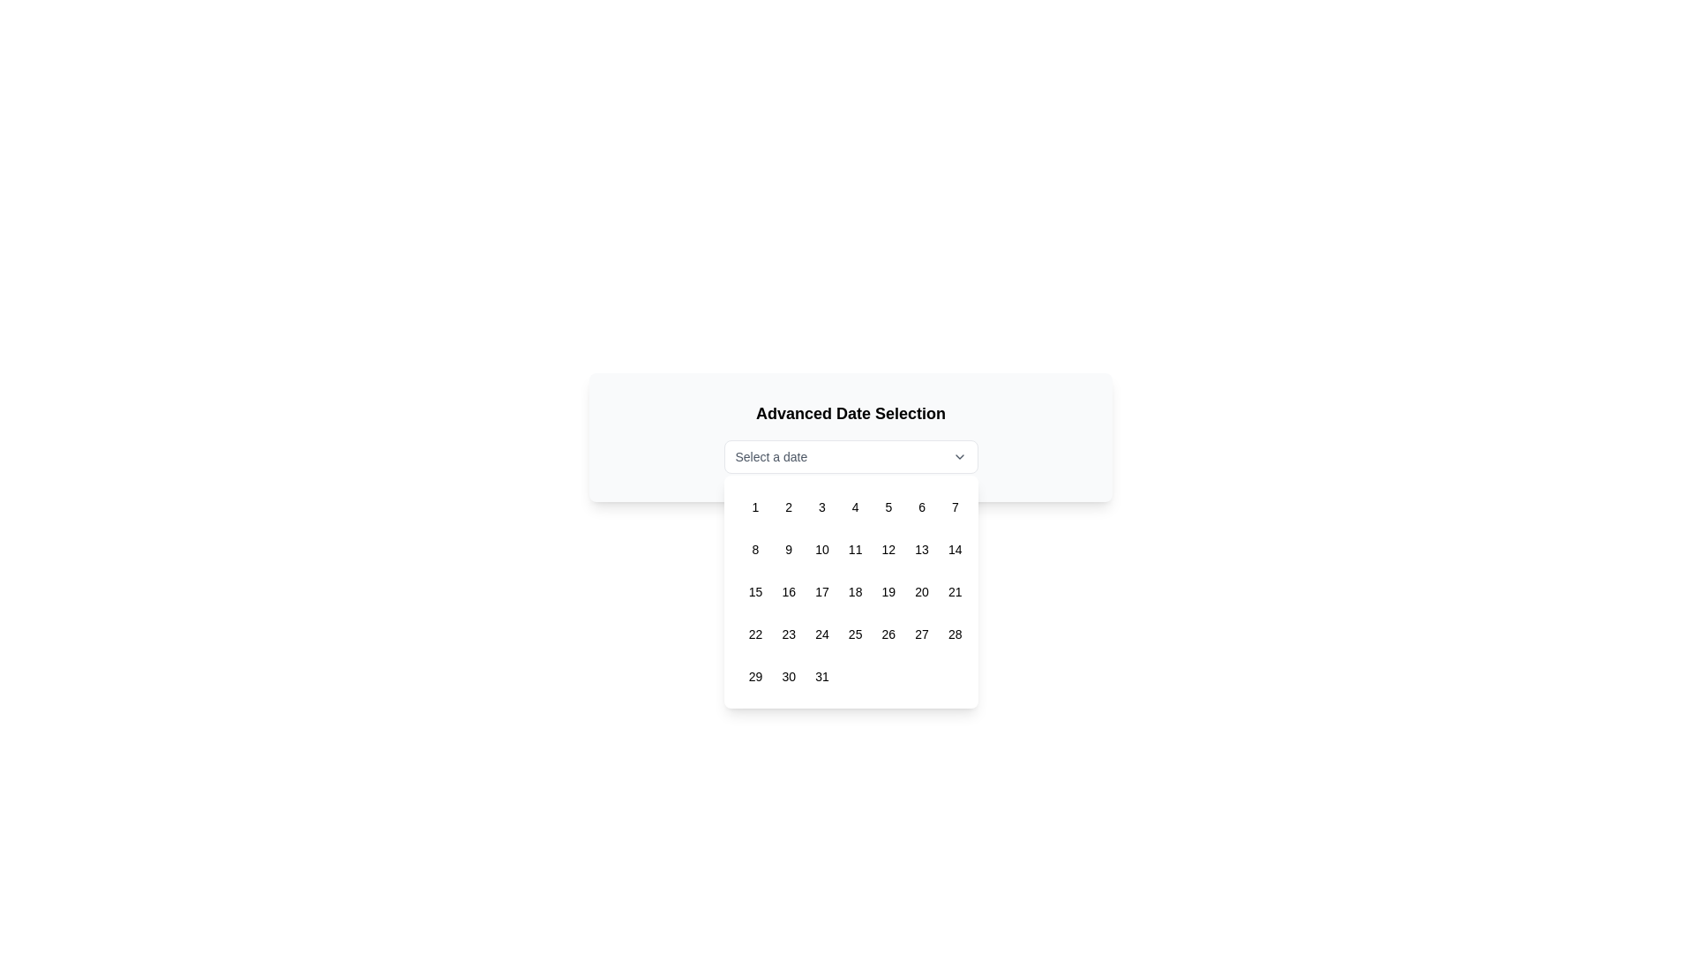 The height and width of the screenshot is (953, 1694). What do you see at coordinates (921, 507) in the screenshot?
I see `the button for selecting the 6th day in the date-selection calendar` at bounding box center [921, 507].